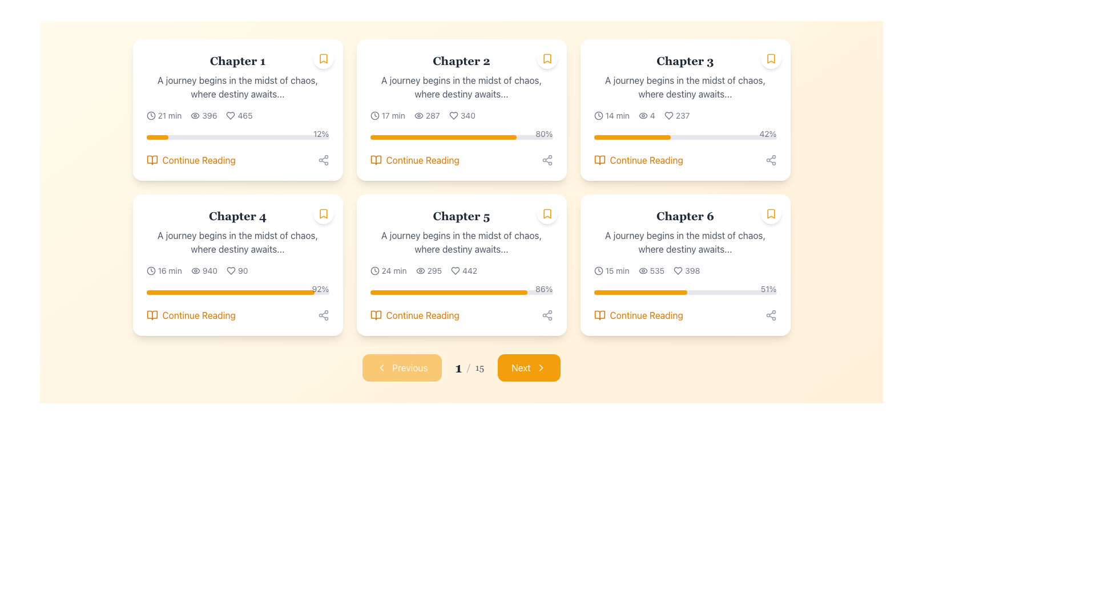  I want to click on the informational text with the clock icon that displays '15 min' beneath the chapter title 'Chapter 6', so click(611, 270).